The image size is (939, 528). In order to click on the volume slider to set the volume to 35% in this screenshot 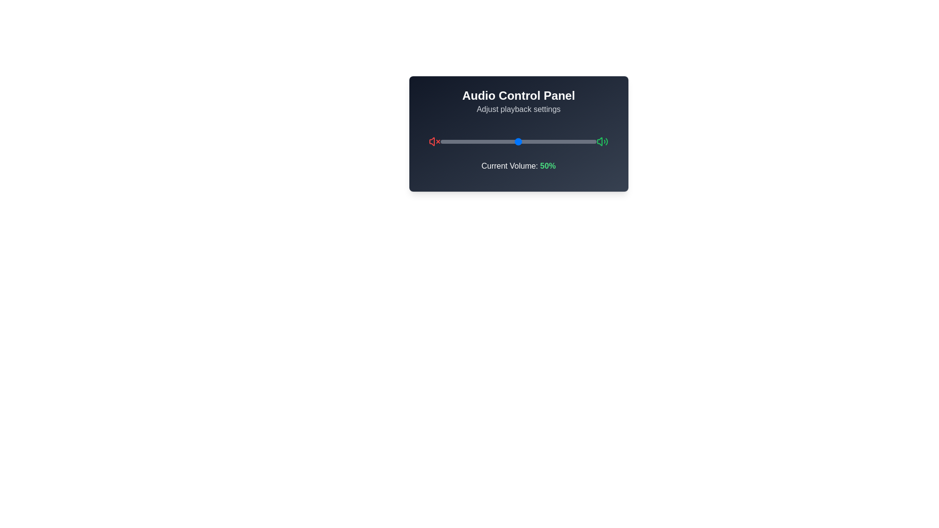, I will do `click(495, 141)`.